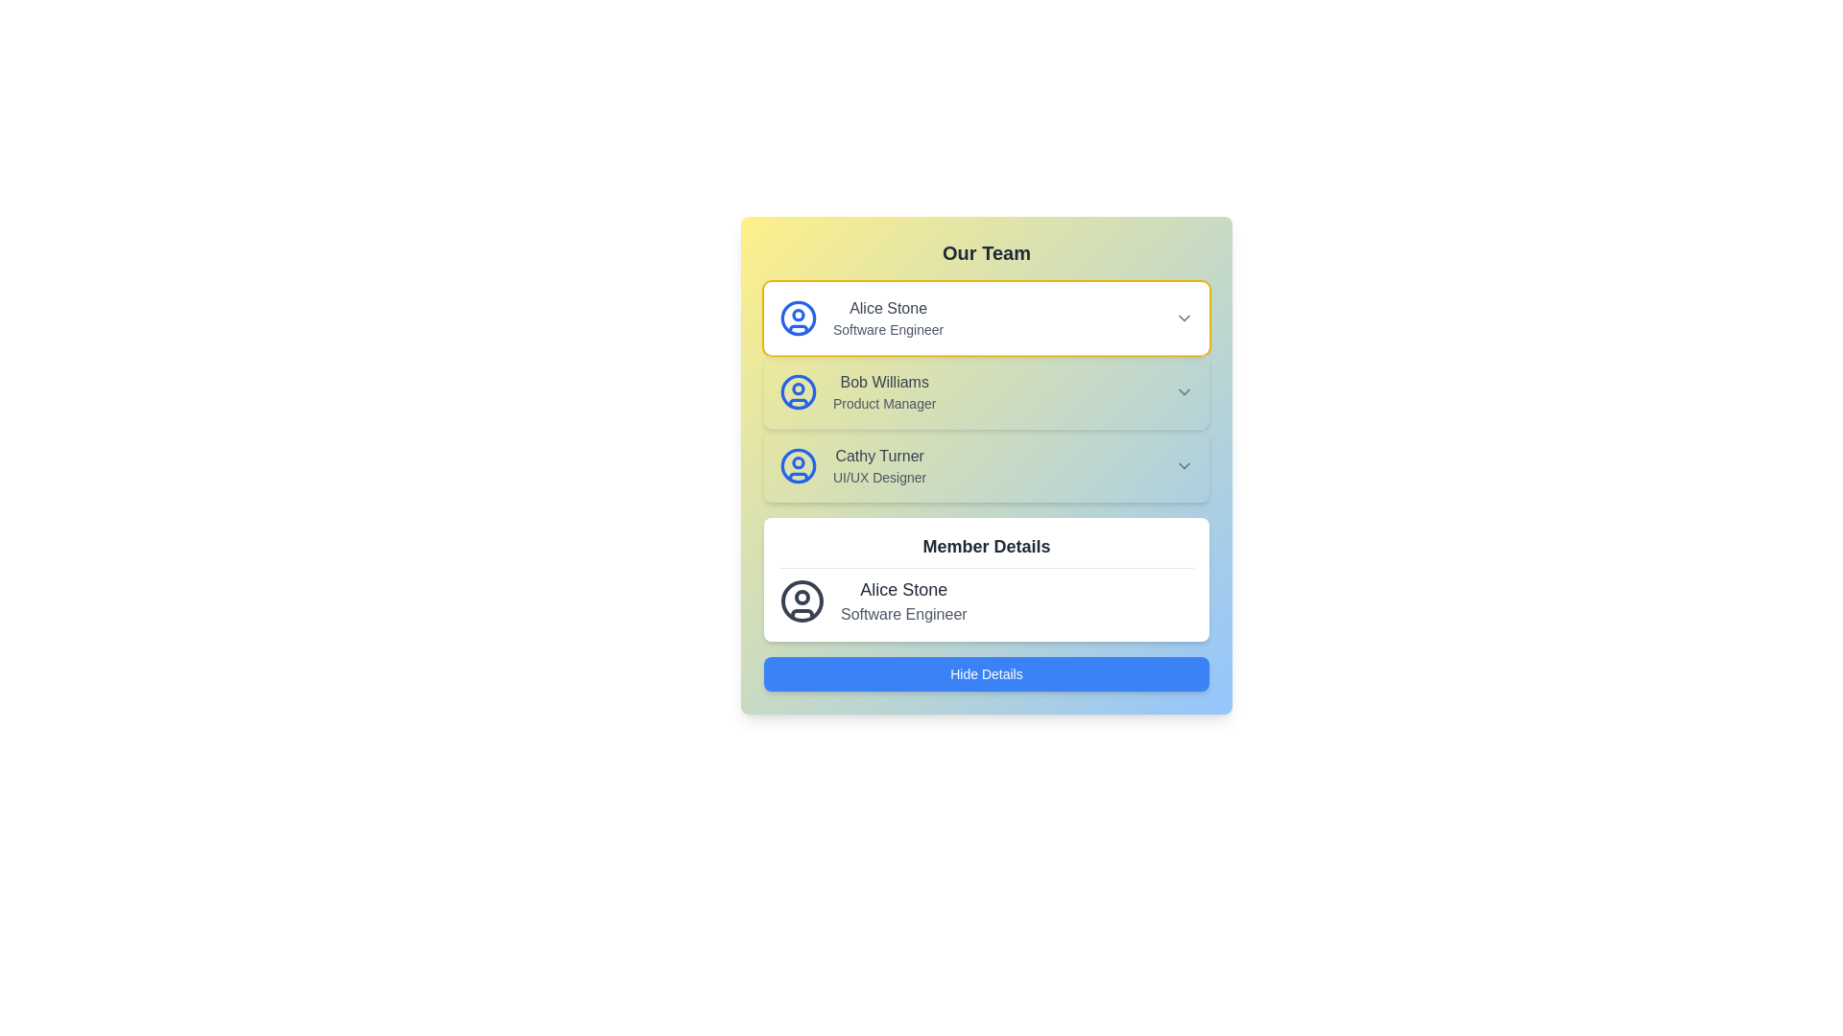 The width and height of the screenshot is (1843, 1036). Describe the element at coordinates (798, 317) in the screenshot. I see `the circular blue user profile icon located at the left side of the user details section for 'Alice Stone', which is the first icon in the 'Our Team' list` at that location.